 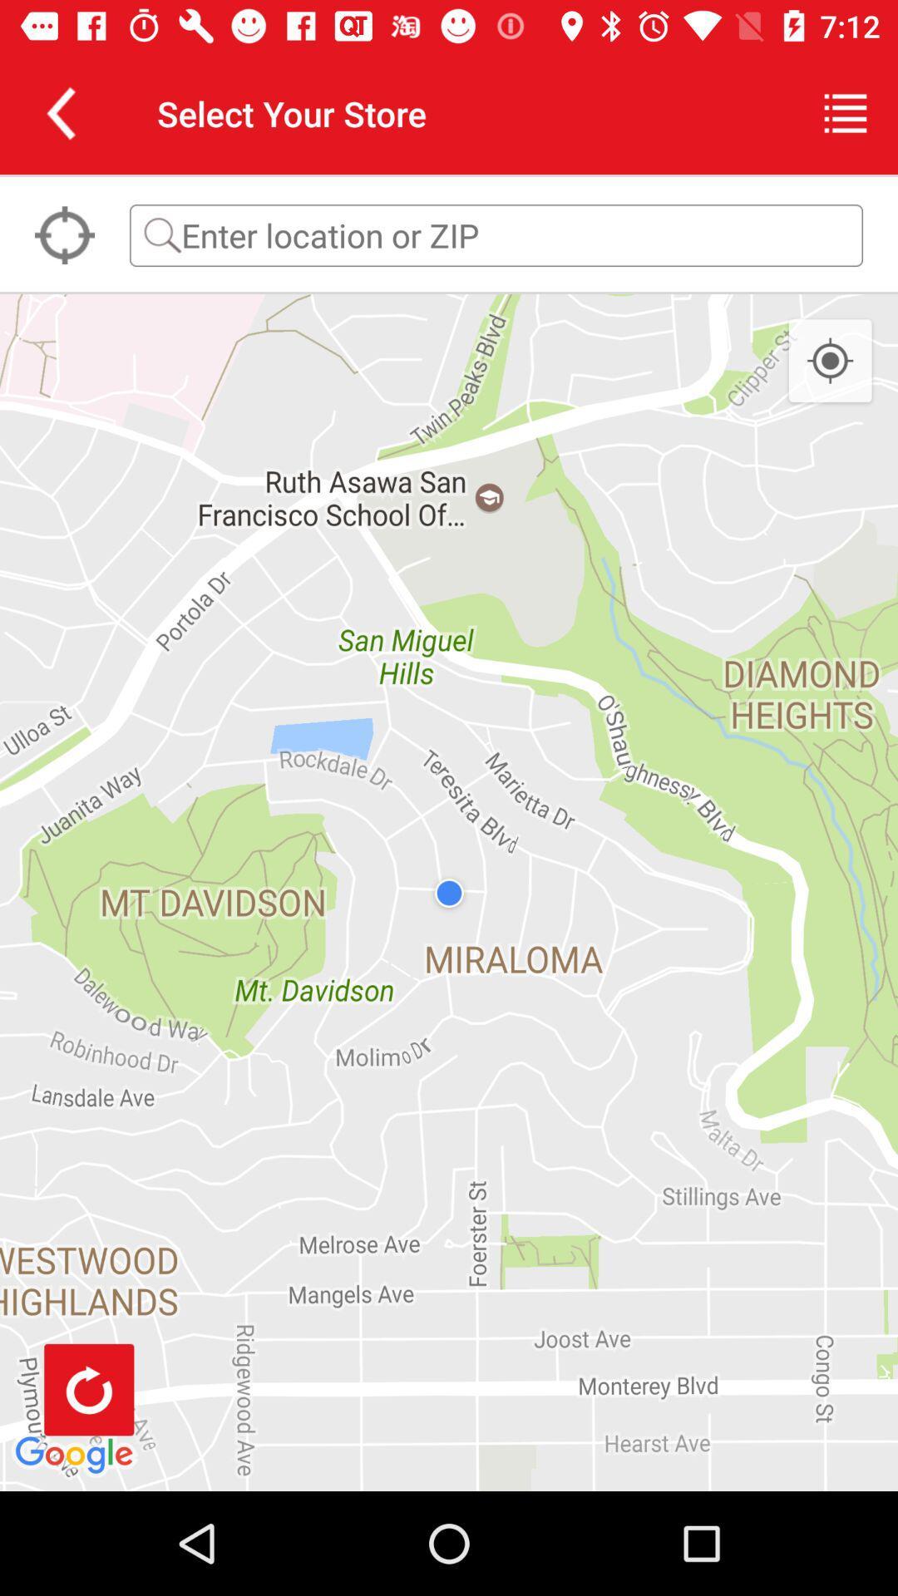 I want to click on the item to the left of the select your store icon, so click(x=60, y=112).